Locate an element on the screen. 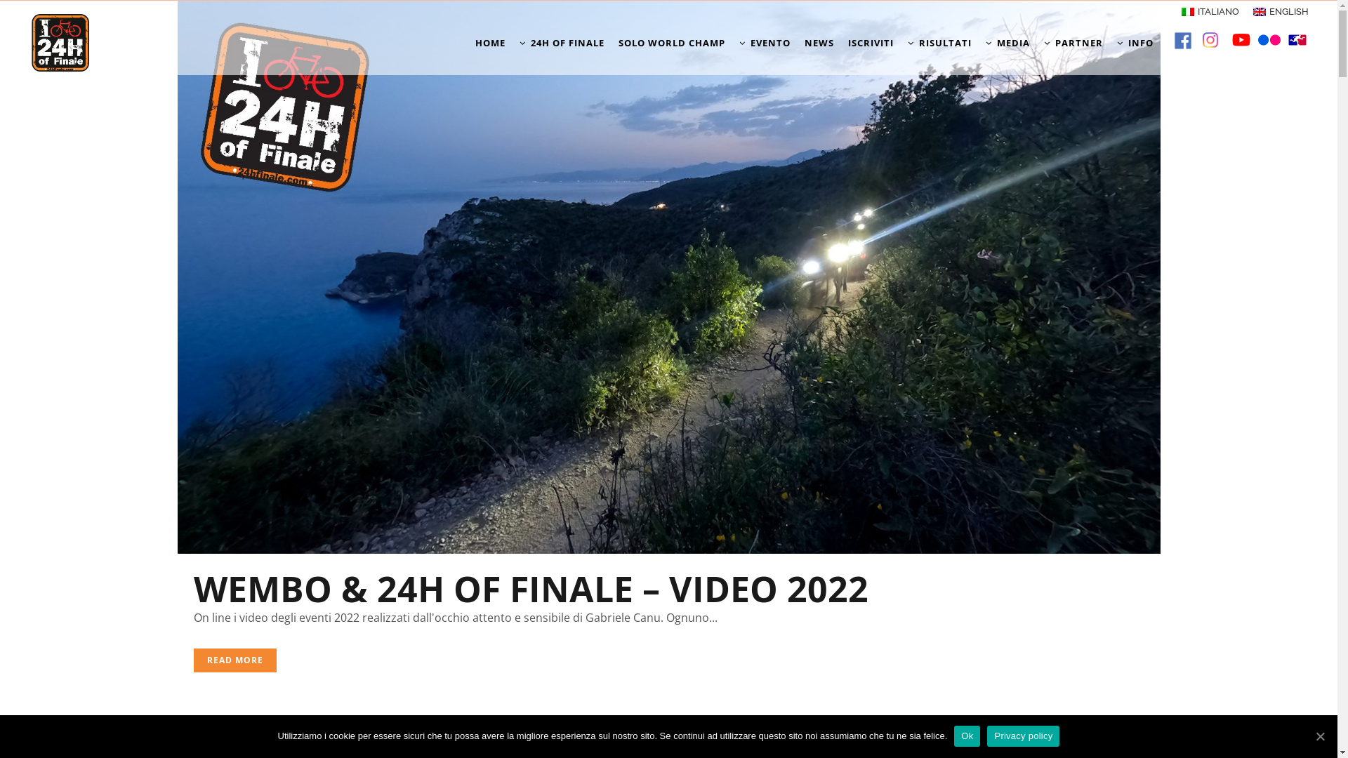 This screenshot has height=758, width=1348. 'EVENTO' is located at coordinates (764, 42).